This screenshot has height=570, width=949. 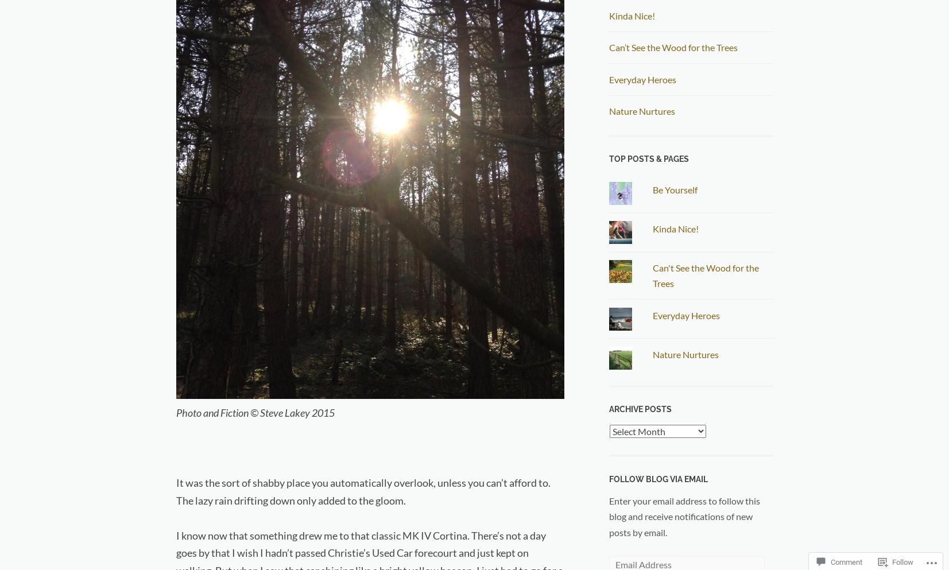 I want to click on 'Follow', so click(x=902, y=562).